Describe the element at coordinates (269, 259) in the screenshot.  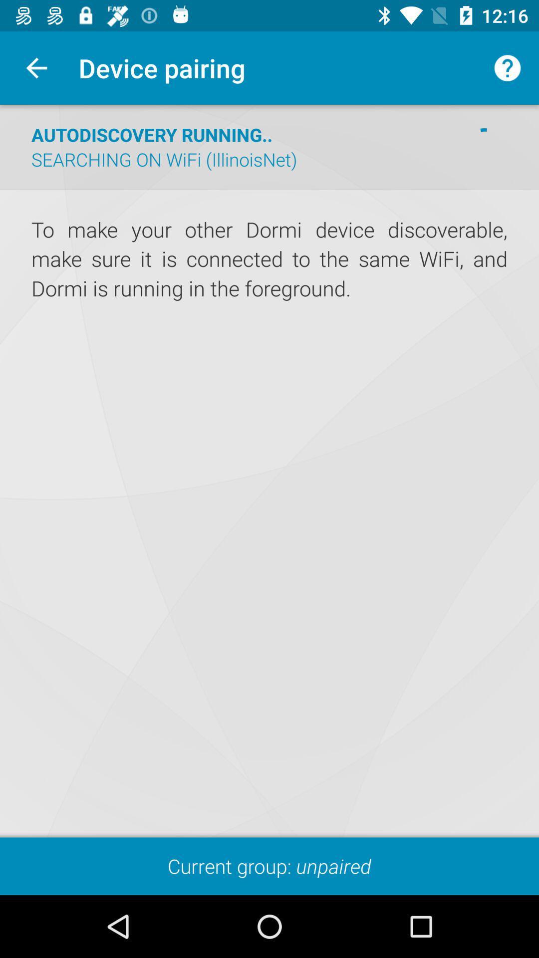
I see `the to make your` at that location.